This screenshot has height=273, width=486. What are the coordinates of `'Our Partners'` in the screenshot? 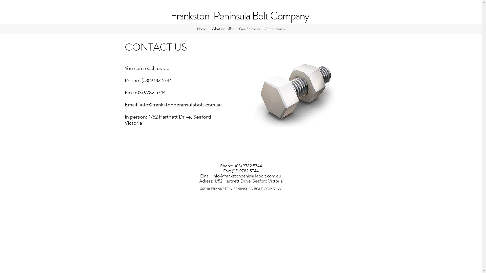 It's located at (236, 29).